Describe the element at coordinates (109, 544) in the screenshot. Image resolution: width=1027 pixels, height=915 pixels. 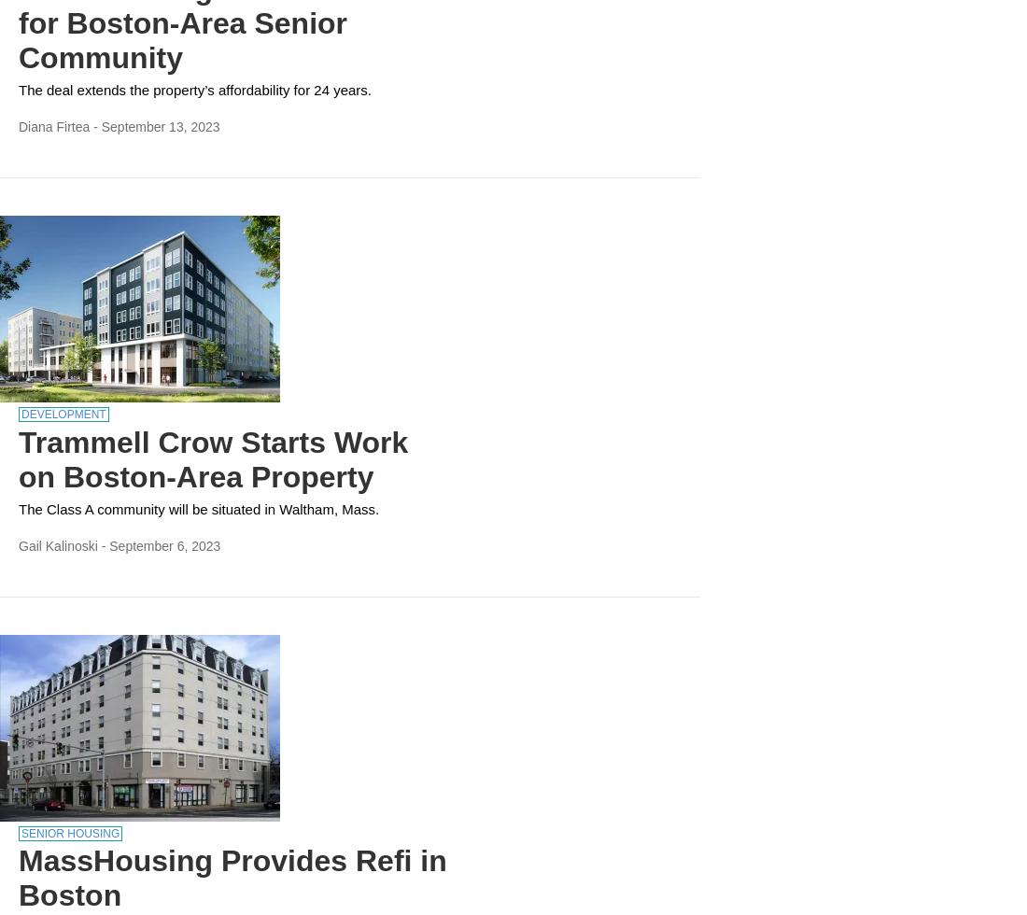
I see `'September 6, 2023'` at that location.